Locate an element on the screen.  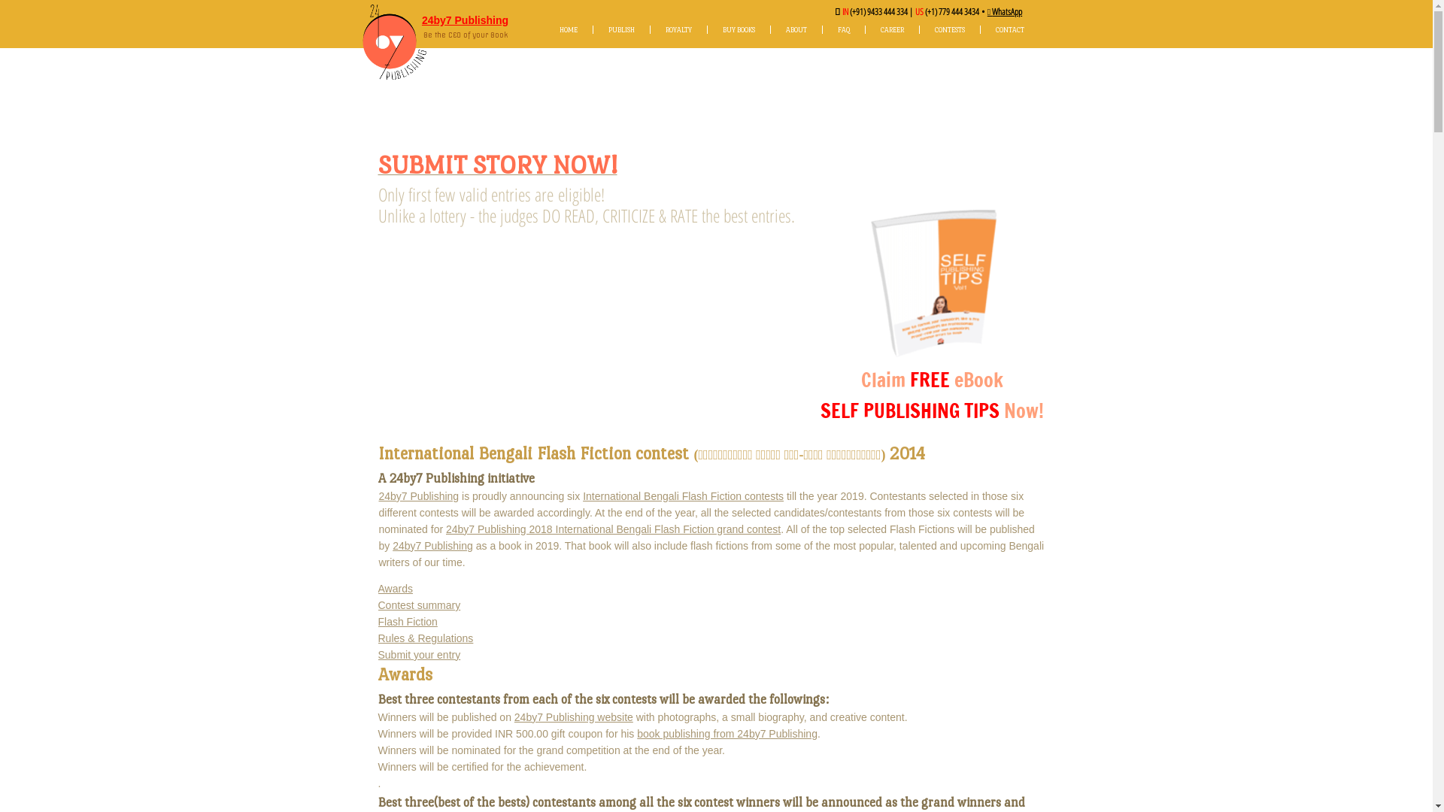
'FAQ' is located at coordinates (821, 29).